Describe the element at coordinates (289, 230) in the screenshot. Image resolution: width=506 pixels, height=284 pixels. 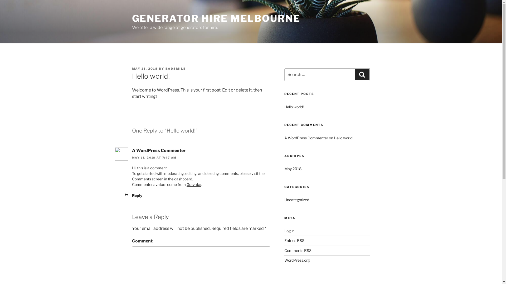
I see `'Log in'` at that location.